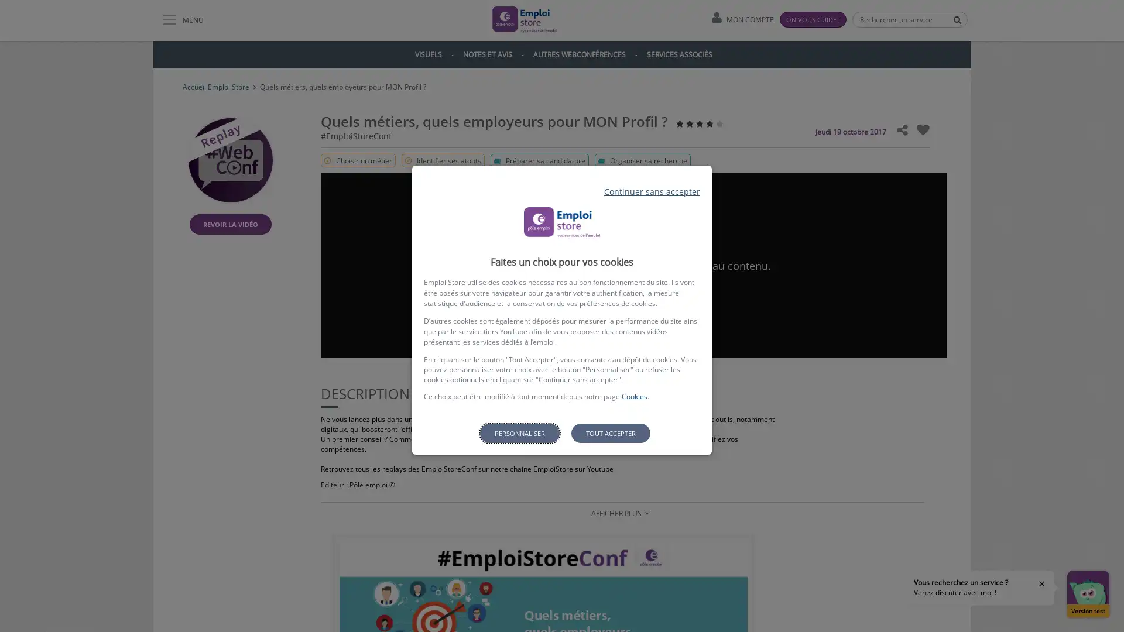 Image resolution: width=1124 pixels, height=632 pixels. What do you see at coordinates (1042, 583) in the screenshot?
I see `Fermer la bulle d'aide` at bounding box center [1042, 583].